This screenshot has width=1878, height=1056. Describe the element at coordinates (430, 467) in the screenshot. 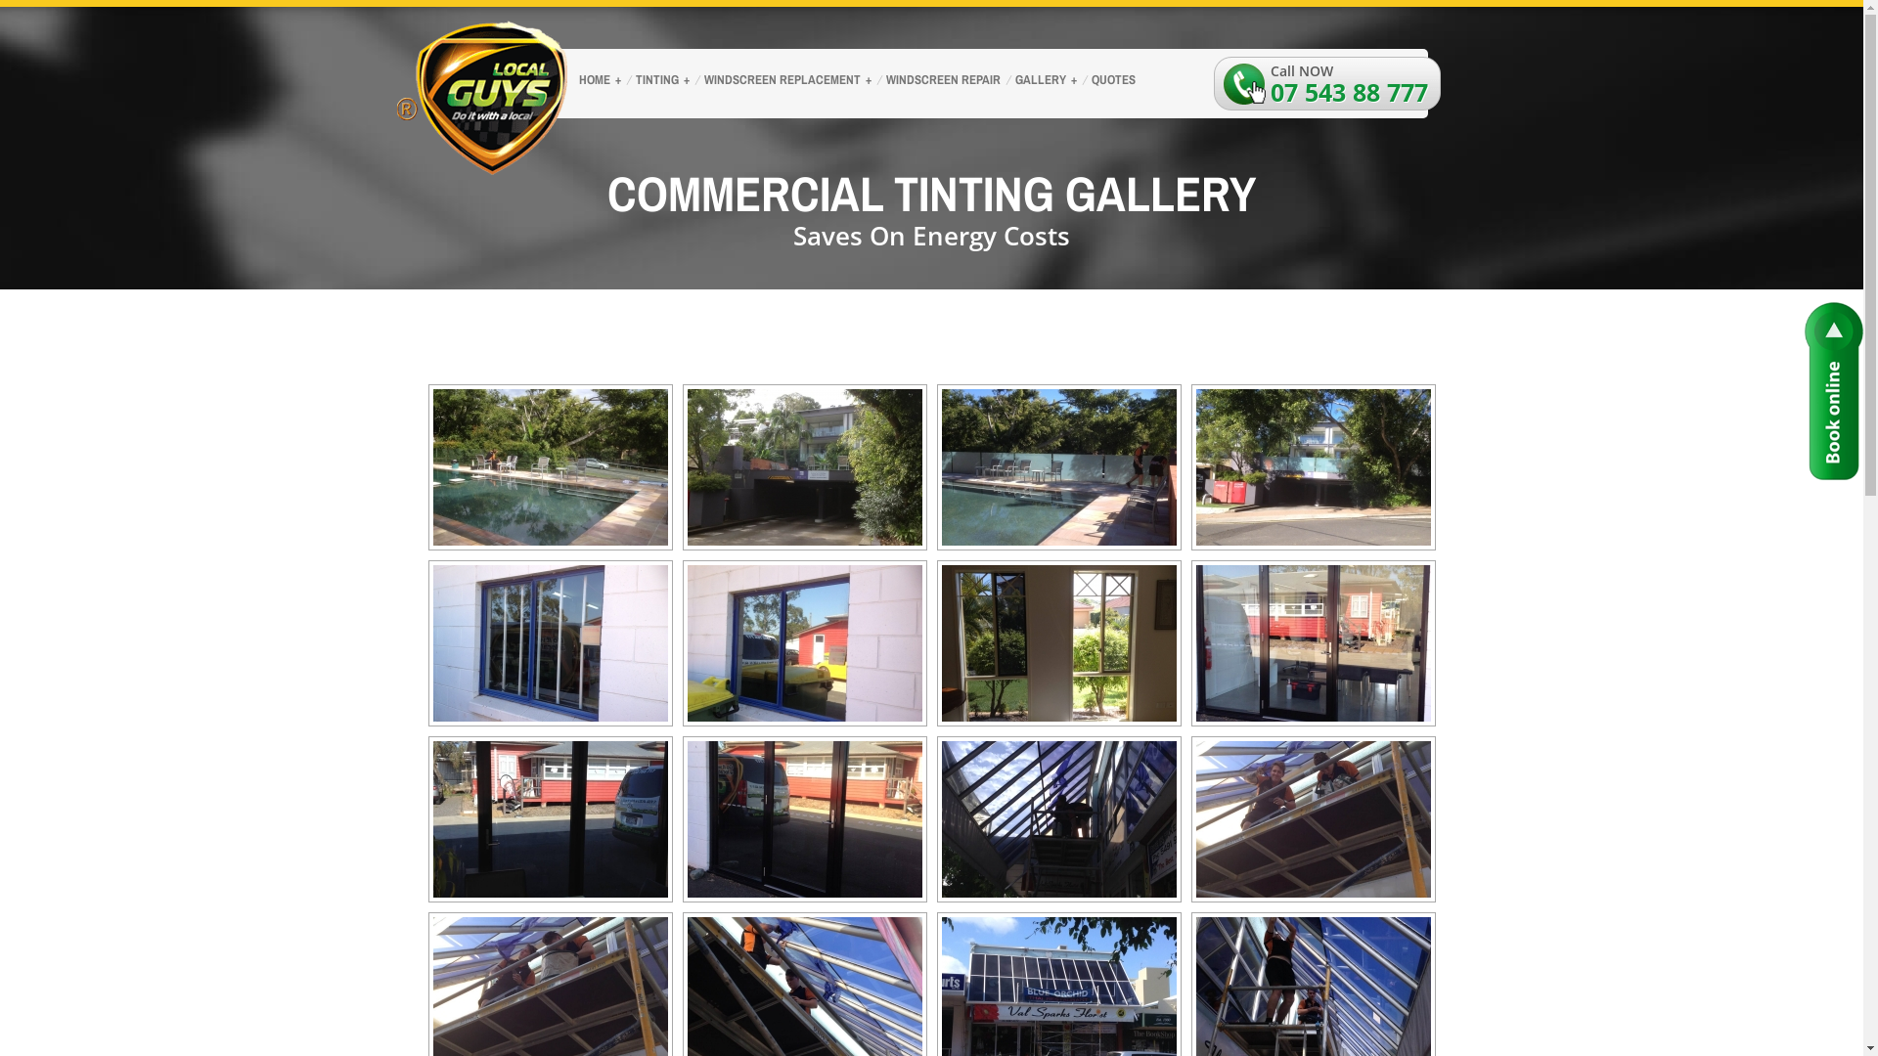

I see `'BEFORE Pool Fence being Frosted for Privacy'` at that location.